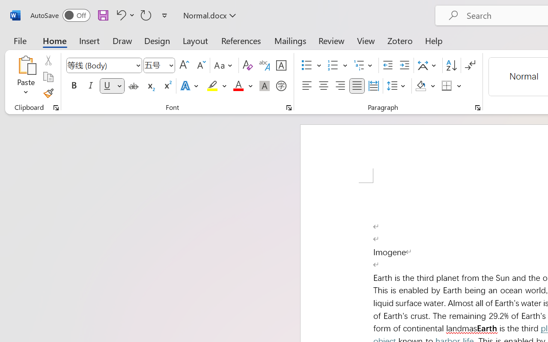 The image size is (548, 342). What do you see at coordinates (307, 86) in the screenshot?
I see `'Align Left'` at bounding box center [307, 86].